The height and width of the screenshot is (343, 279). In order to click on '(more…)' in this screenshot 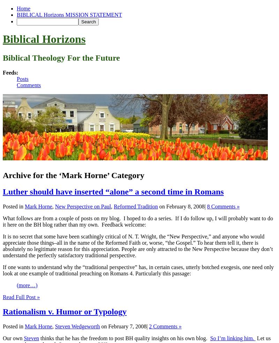, I will do `click(27, 284)`.